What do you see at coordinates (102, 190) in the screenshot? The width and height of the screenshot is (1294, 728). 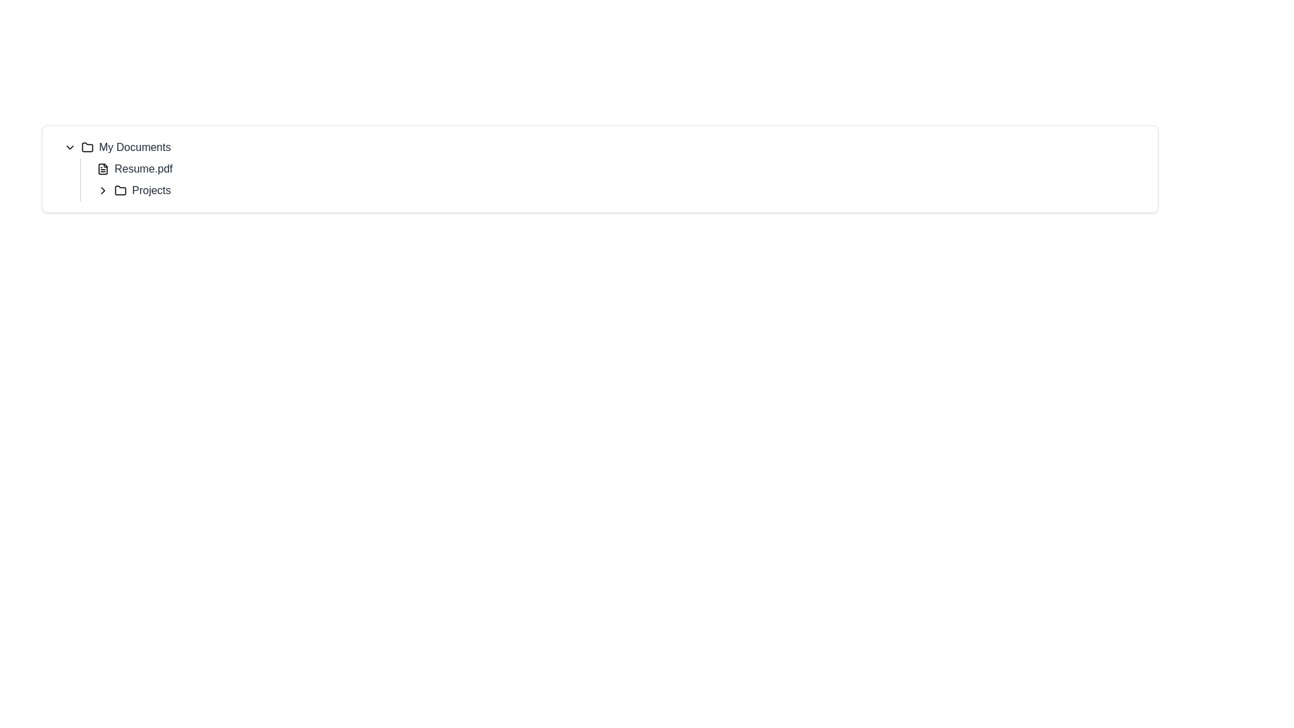 I see `the chevron icon located on the left side of the 'Projects' label` at bounding box center [102, 190].